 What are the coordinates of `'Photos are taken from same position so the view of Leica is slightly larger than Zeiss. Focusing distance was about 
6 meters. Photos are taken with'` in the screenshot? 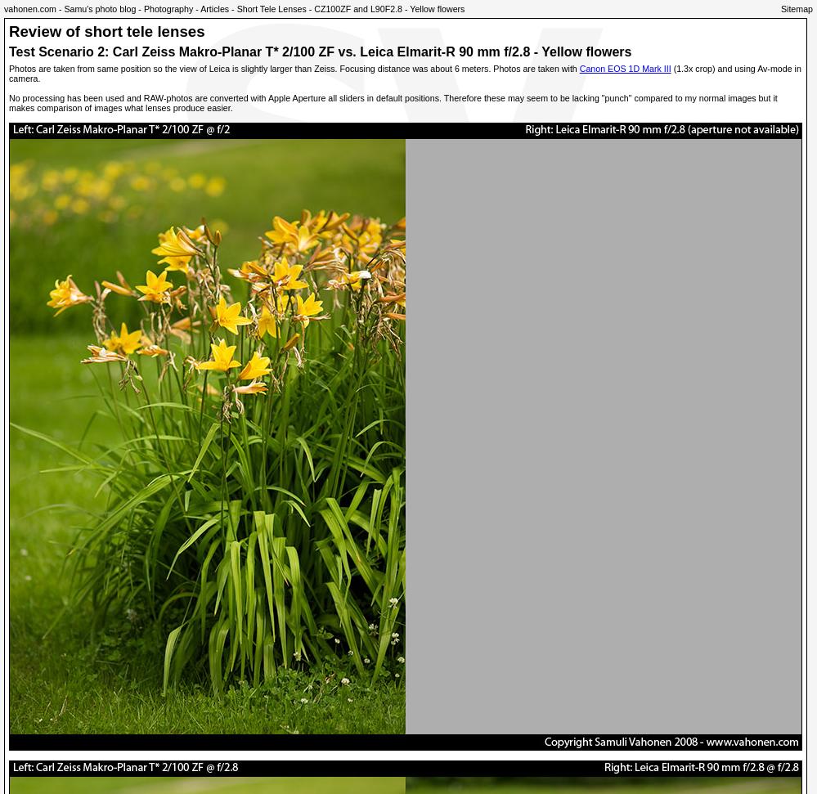 It's located at (294, 67).